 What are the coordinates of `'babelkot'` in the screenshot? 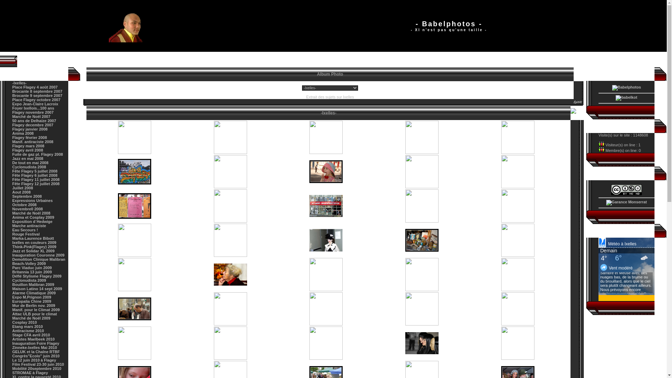 It's located at (626, 98).